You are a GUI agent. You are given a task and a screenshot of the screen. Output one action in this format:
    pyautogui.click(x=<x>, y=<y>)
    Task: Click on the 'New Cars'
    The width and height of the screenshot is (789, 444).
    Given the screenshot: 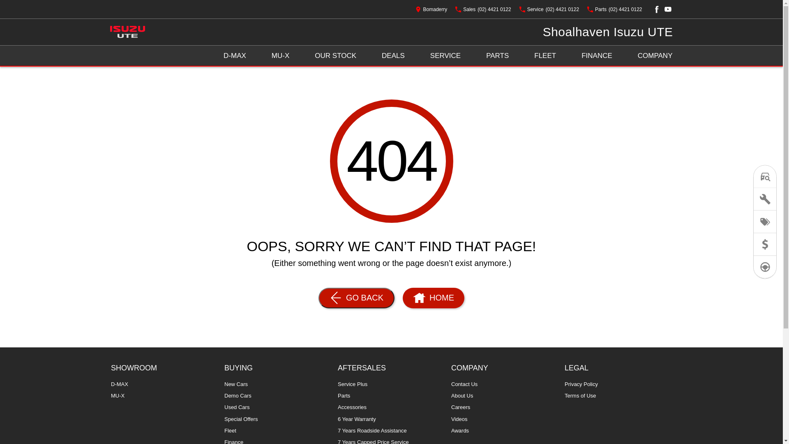 What is the action you would take?
    pyautogui.click(x=235, y=386)
    